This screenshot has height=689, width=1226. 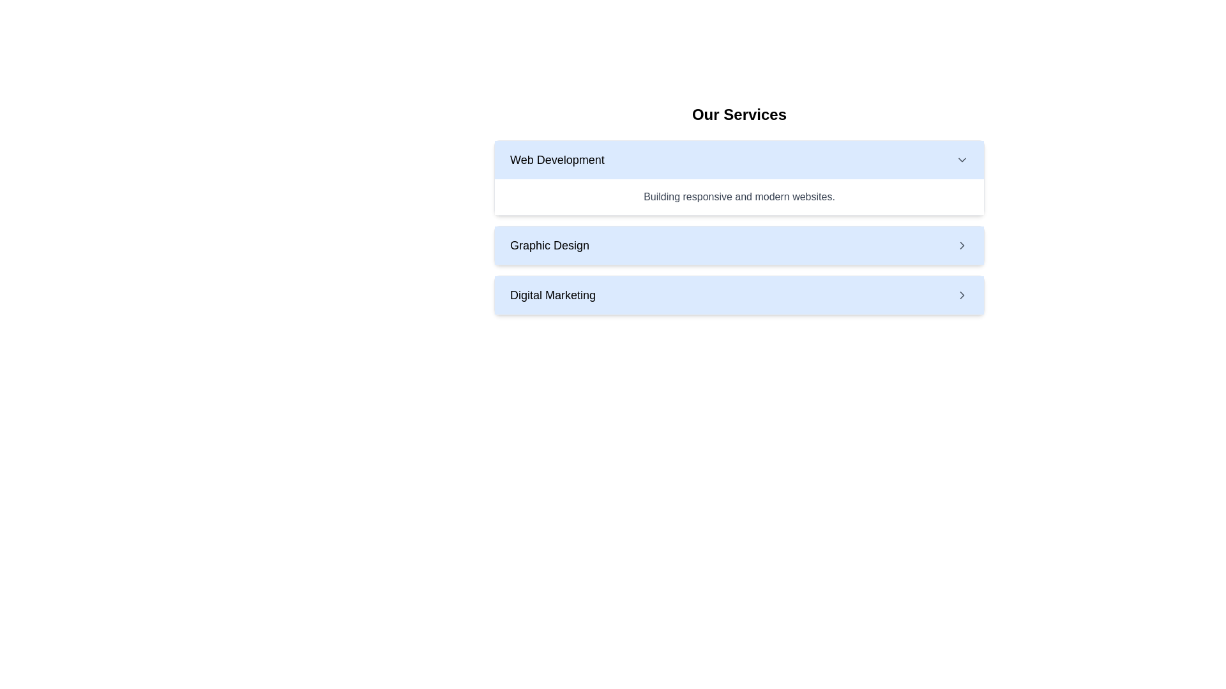 What do you see at coordinates (962, 295) in the screenshot?
I see `the right-pointing arrowhead icon within the SVG graphic element located in the 'Our Services' section, which is associated with navigation or expansion` at bounding box center [962, 295].